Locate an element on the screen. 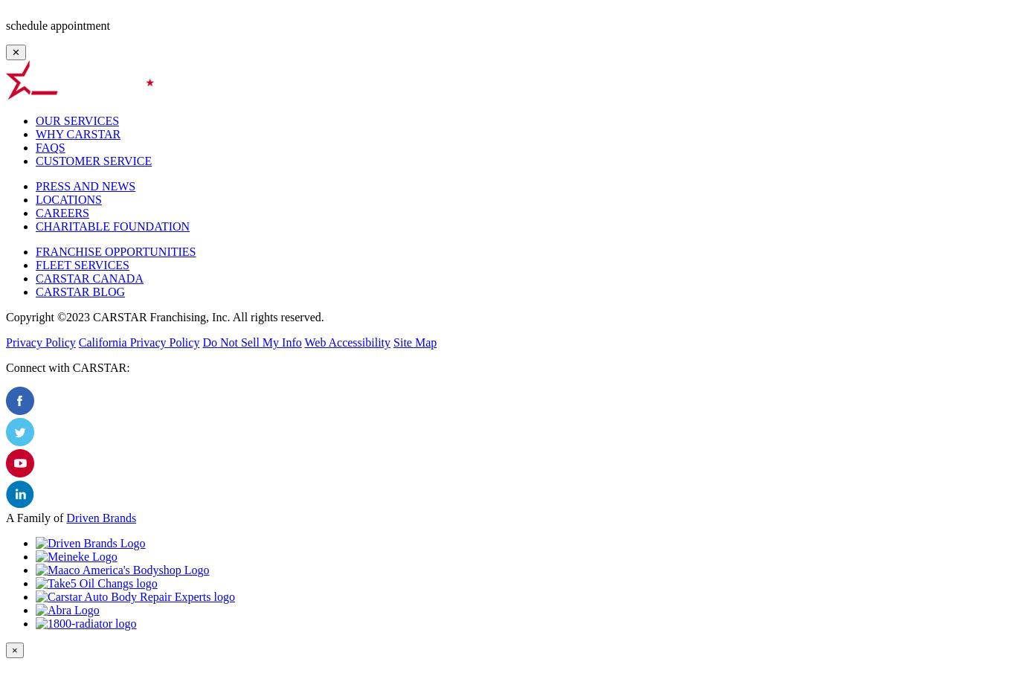  'Web Accessibility' is located at coordinates (347, 342).